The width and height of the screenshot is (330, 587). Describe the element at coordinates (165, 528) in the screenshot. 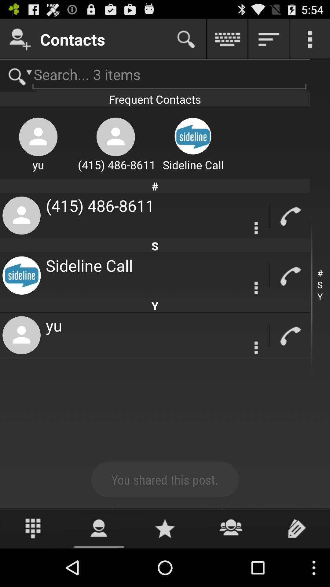

I see `rate the app` at that location.